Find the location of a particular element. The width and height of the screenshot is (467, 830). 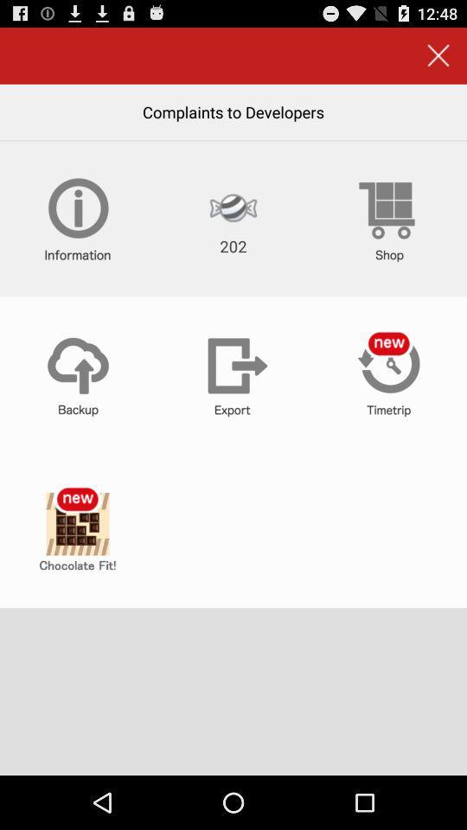

window is located at coordinates (438, 55).